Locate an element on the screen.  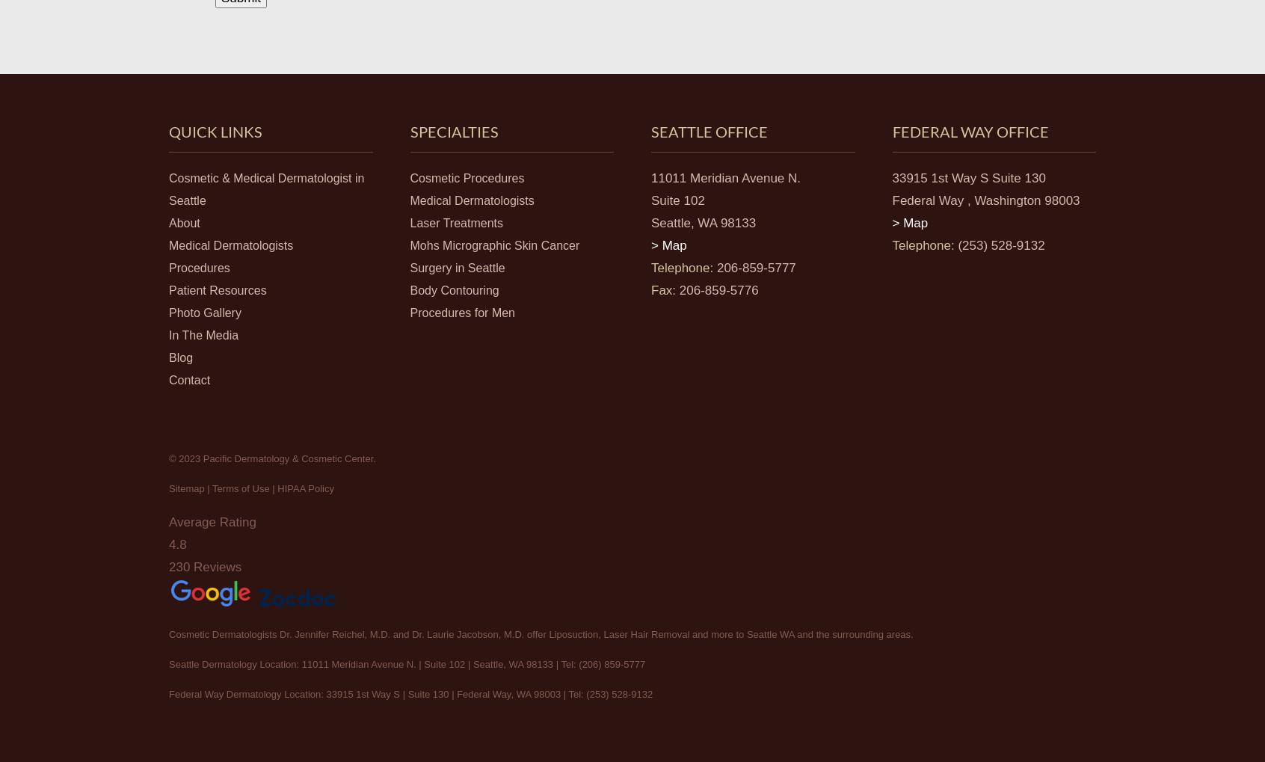
'Seattle Office' is located at coordinates (710, 130).